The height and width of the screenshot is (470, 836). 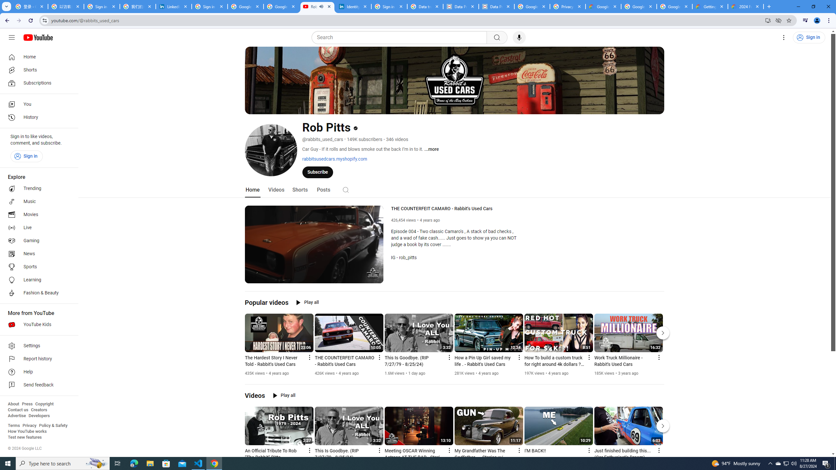 What do you see at coordinates (638, 6) in the screenshot?
I see `'Google Workspace - Specific Terms'` at bounding box center [638, 6].